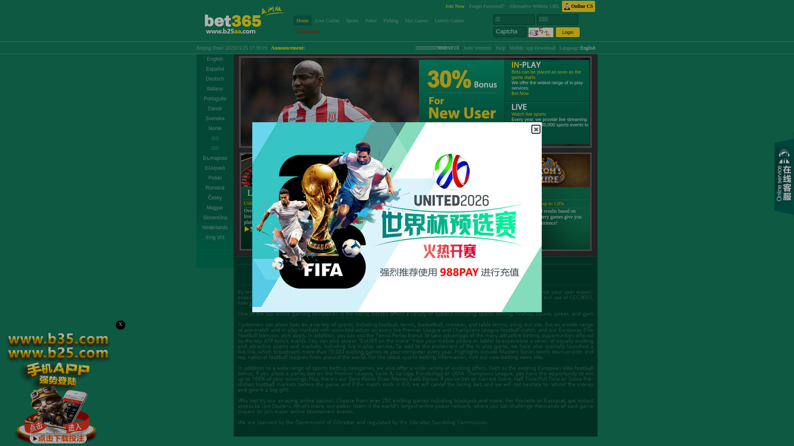 The image size is (794, 446). I want to click on 'Home', so click(302, 20).